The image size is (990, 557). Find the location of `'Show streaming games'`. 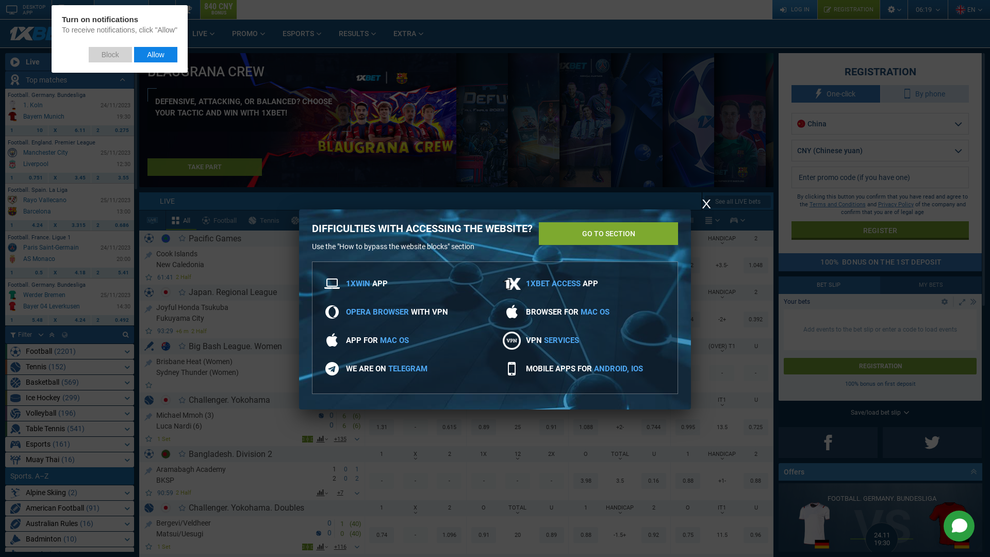

'Show streaming games' is located at coordinates (152, 220).